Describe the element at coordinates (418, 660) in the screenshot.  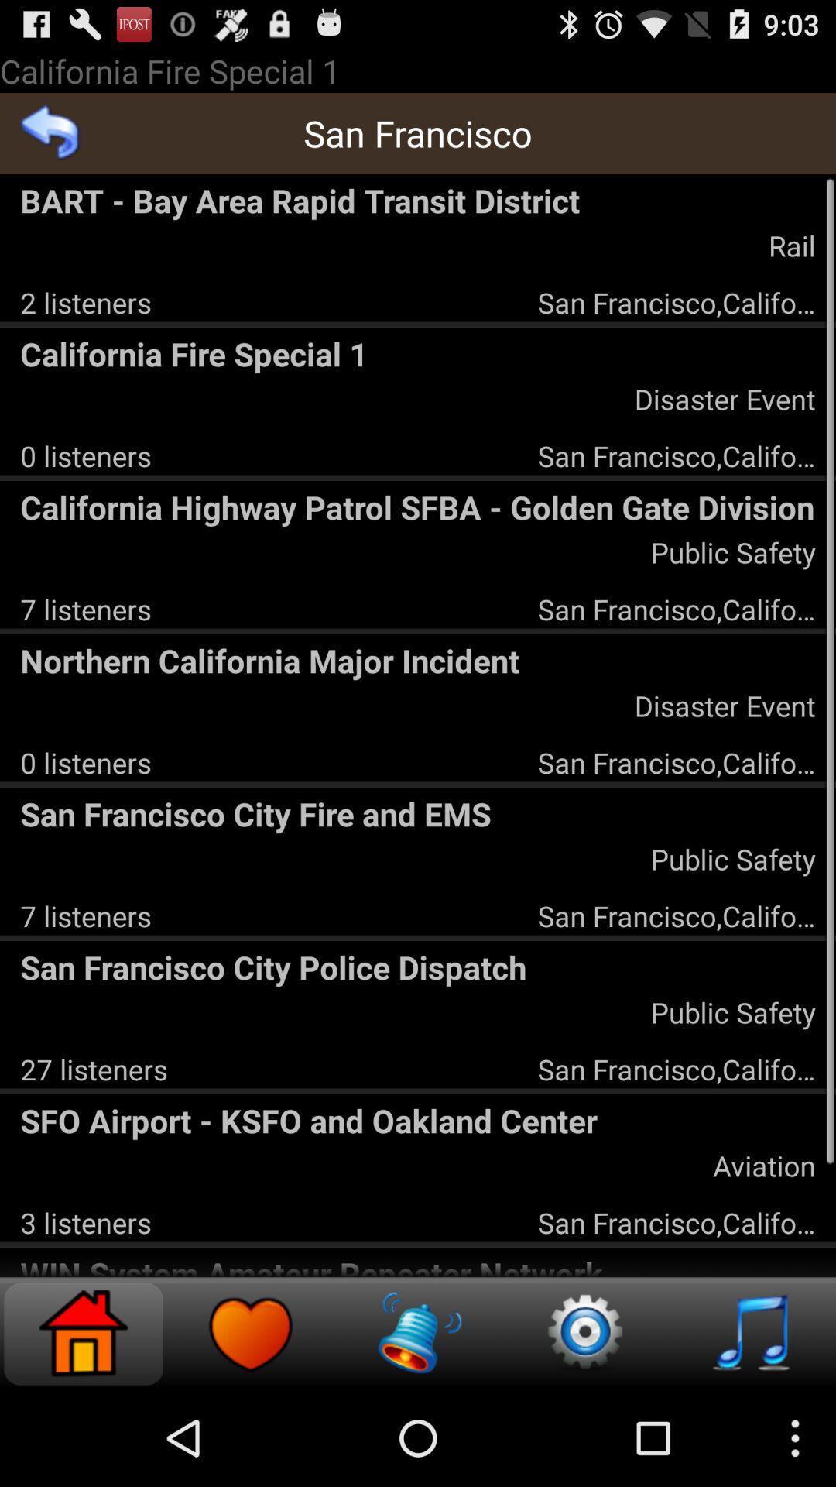
I see `the app above disaster event item` at that location.